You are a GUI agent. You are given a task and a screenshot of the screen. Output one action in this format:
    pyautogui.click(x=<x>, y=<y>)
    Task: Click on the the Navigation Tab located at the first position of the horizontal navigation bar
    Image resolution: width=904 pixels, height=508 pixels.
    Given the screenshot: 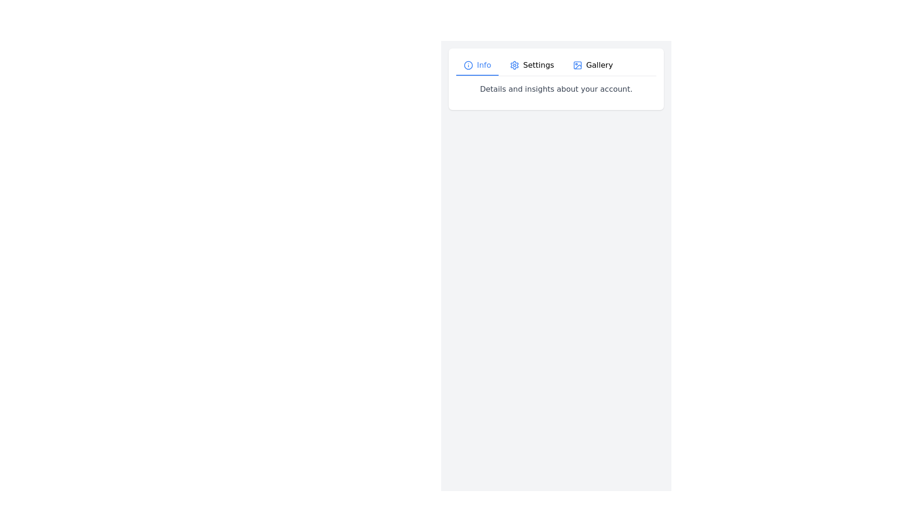 What is the action you would take?
    pyautogui.click(x=477, y=65)
    